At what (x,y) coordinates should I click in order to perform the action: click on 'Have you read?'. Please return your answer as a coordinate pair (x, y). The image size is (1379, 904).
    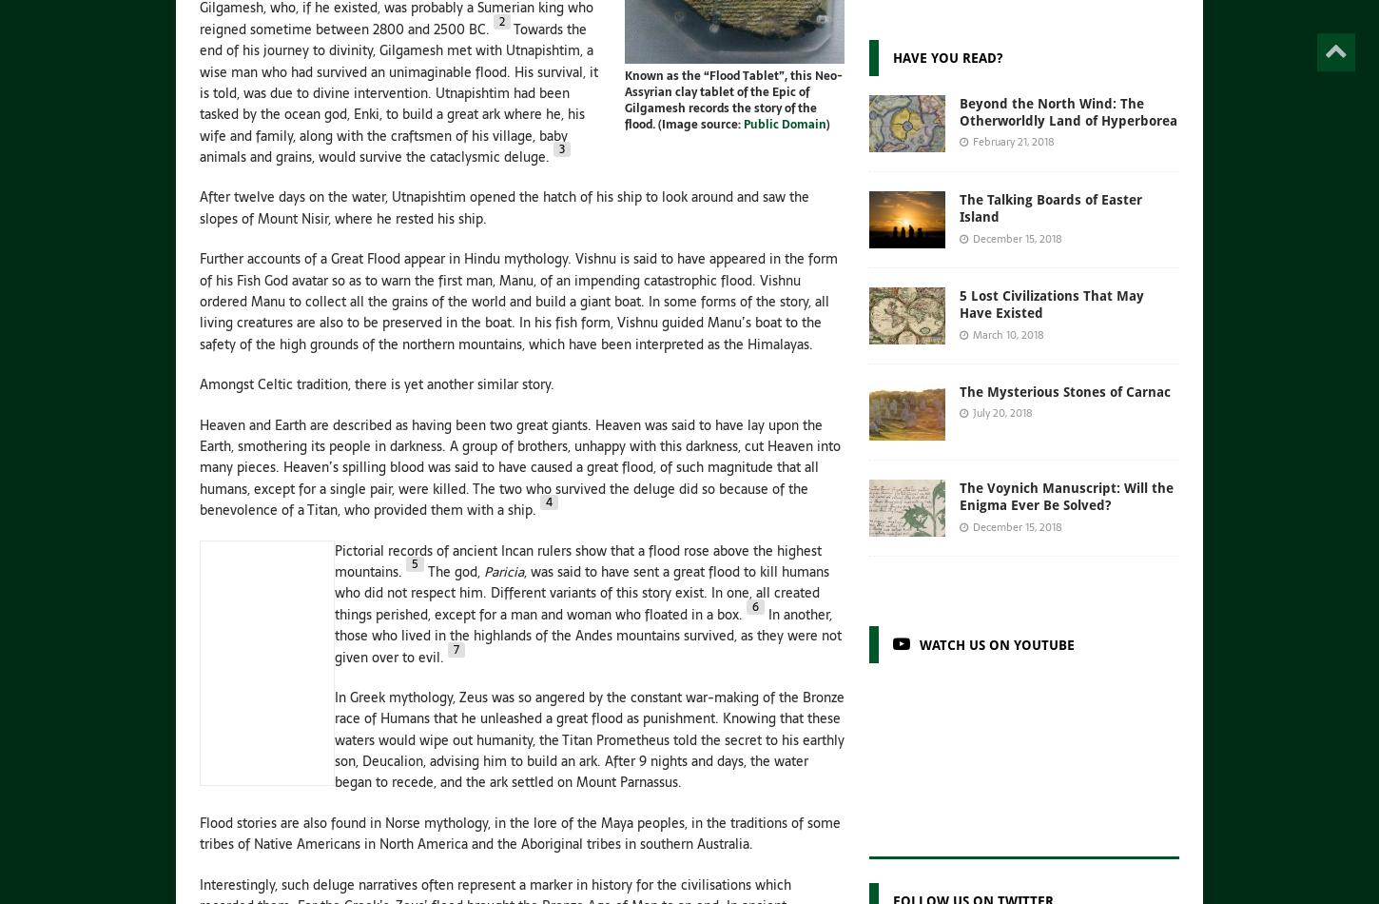
    Looking at the image, I should click on (946, 57).